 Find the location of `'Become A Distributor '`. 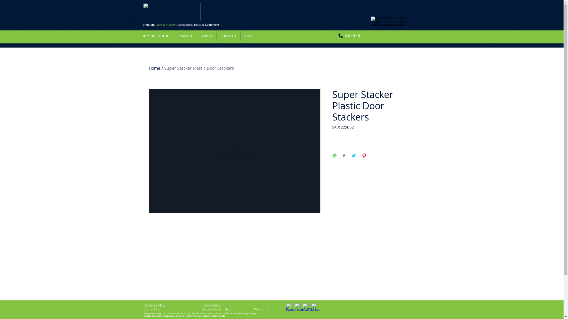

'Become A Distributor ' is located at coordinates (218, 309).